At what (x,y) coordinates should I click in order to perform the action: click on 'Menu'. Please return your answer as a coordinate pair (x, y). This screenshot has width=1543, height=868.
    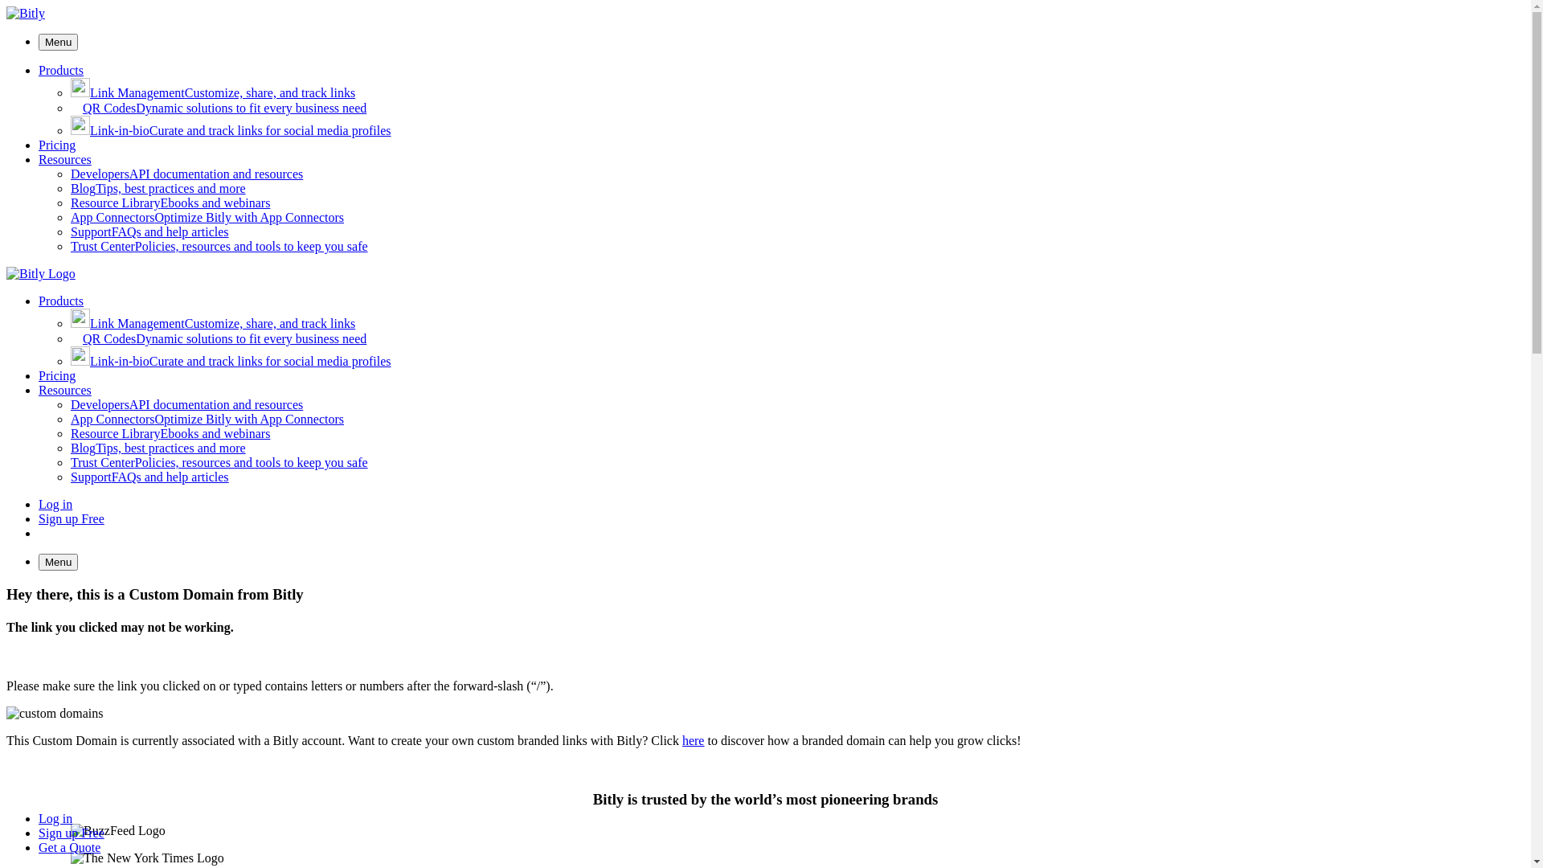
    Looking at the image, I should click on (58, 561).